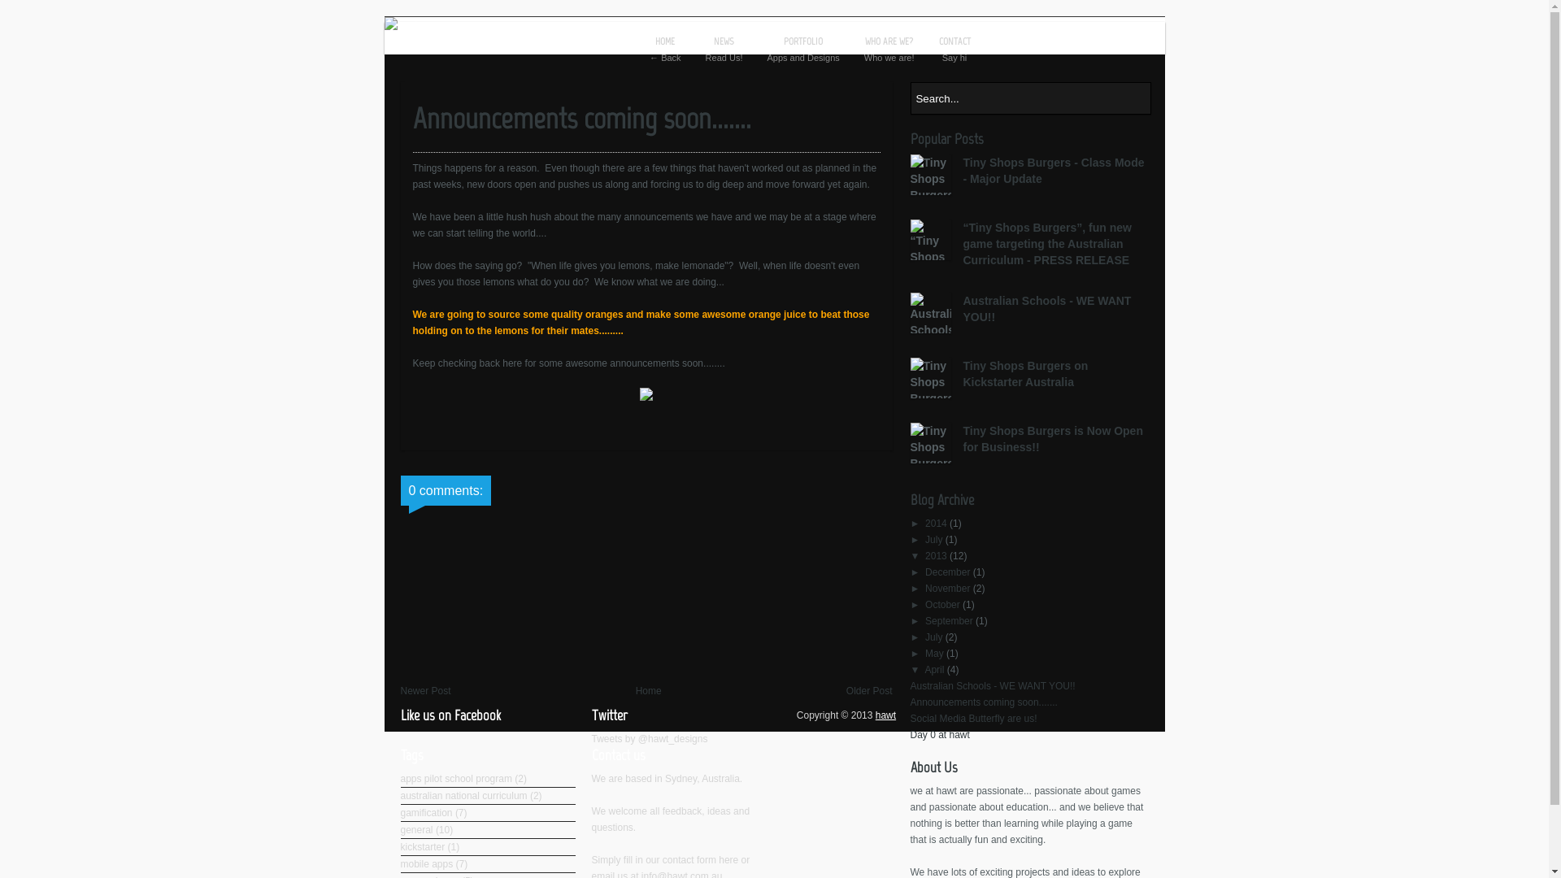  Describe the element at coordinates (802, 49) in the screenshot. I see `'PORTFOLIO` at that location.